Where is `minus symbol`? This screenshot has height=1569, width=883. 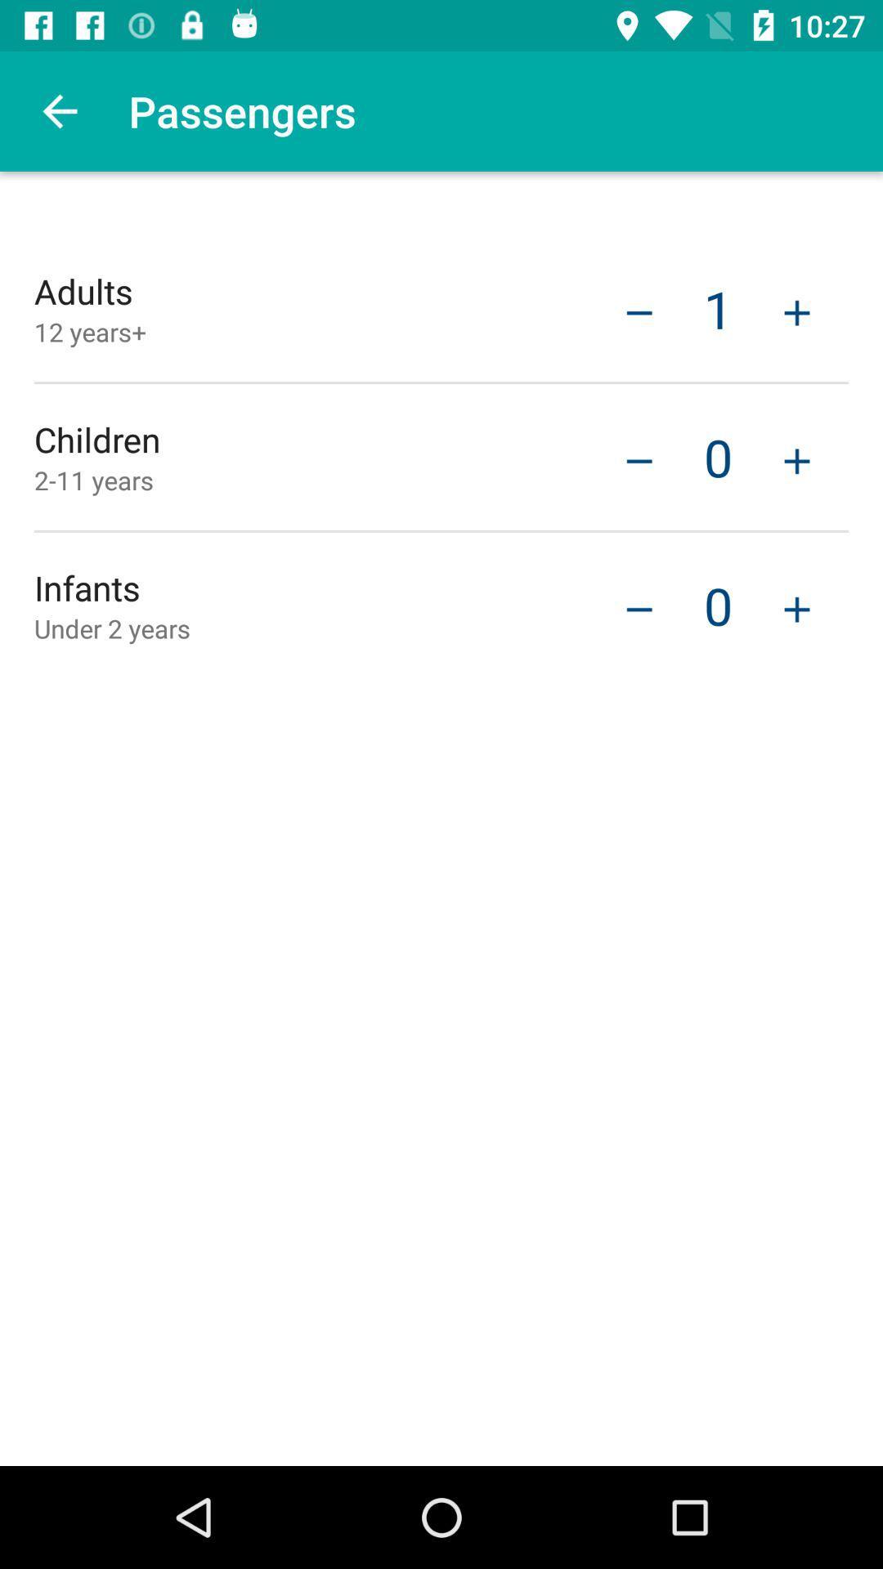
minus symbol is located at coordinates (639, 458).